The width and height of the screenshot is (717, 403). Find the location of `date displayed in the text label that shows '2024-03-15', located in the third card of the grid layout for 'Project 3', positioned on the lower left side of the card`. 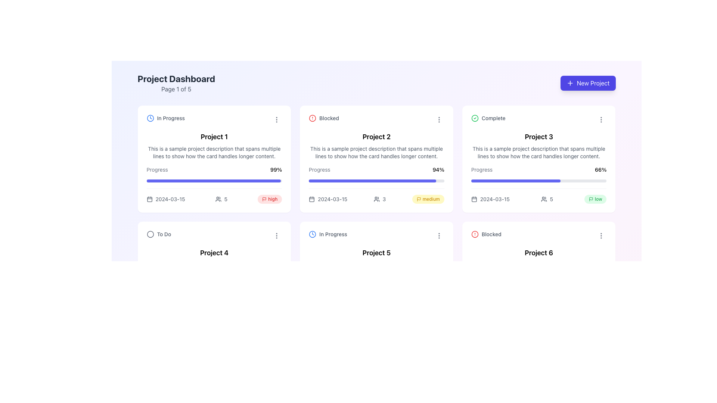

date displayed in the text label that shows '2024-03-15', located in the third card of the grid layout for 'Project 3', positioned on the lower left side of the card is located at coordinates (495, 199).